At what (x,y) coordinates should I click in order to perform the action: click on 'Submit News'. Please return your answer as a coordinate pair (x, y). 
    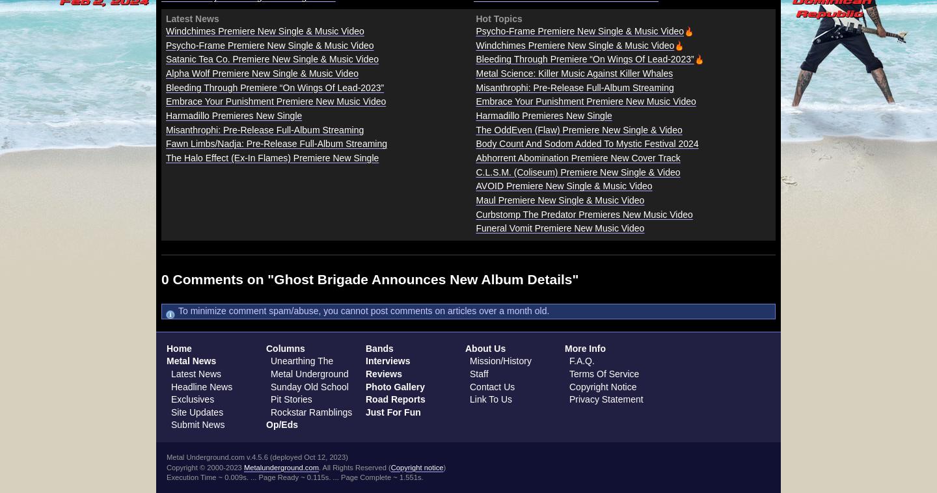
    Looking at the image, I should click on (197, 425).